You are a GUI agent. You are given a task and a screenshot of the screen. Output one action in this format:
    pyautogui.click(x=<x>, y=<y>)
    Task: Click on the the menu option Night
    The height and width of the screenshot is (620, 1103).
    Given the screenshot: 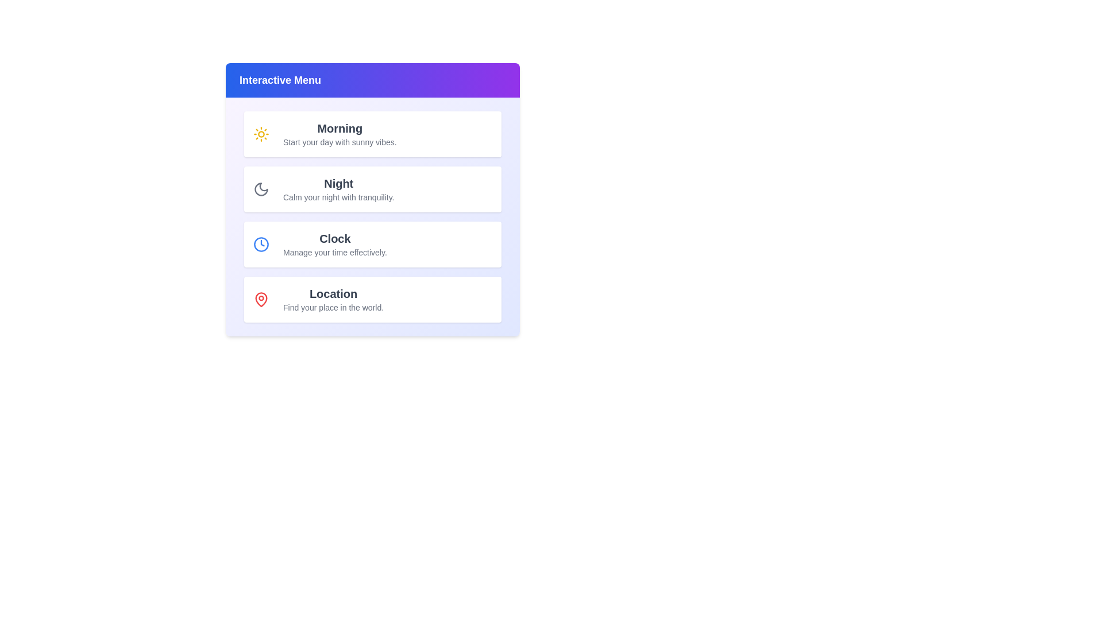 What is the action you would take?
    pyautogui.click(x=372, y=189)
    